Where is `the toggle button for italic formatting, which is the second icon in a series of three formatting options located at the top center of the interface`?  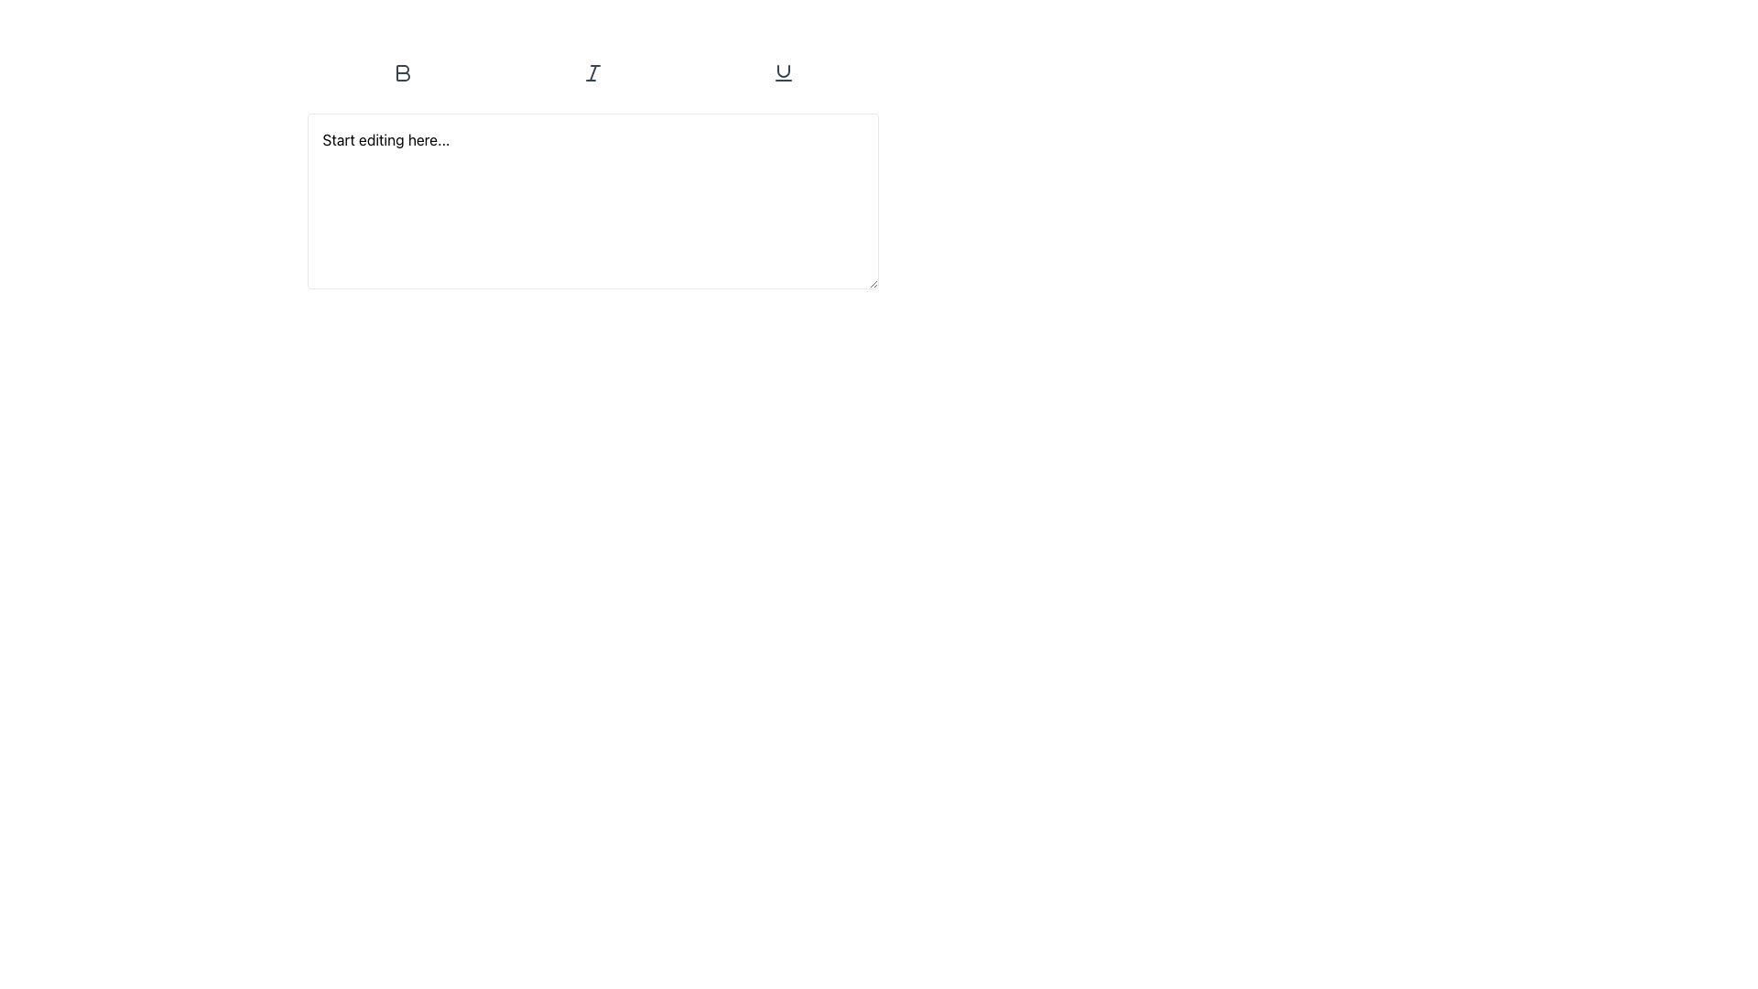 the toggle button for italic formatting, which is the second icon in a series of three formatting options located at the top center of the interface is located at coordinates (592, 72).